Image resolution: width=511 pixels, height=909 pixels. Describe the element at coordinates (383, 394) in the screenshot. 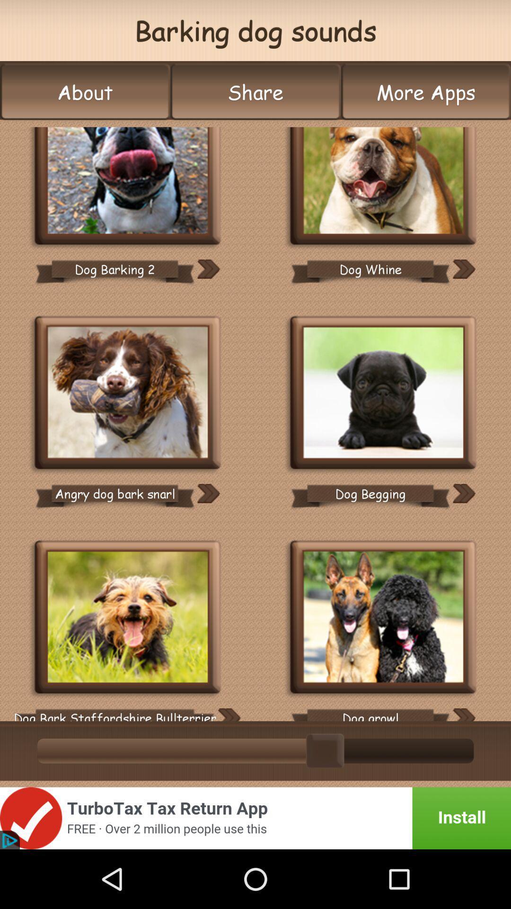

I see `pick an option` at that location.